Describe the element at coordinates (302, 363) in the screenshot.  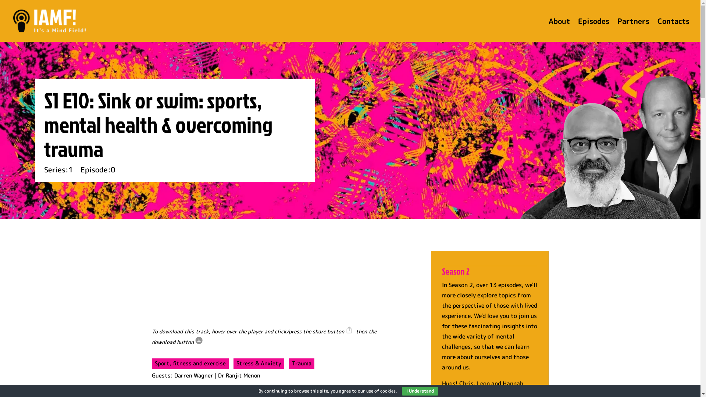
I see `'Trauma'` at that location.